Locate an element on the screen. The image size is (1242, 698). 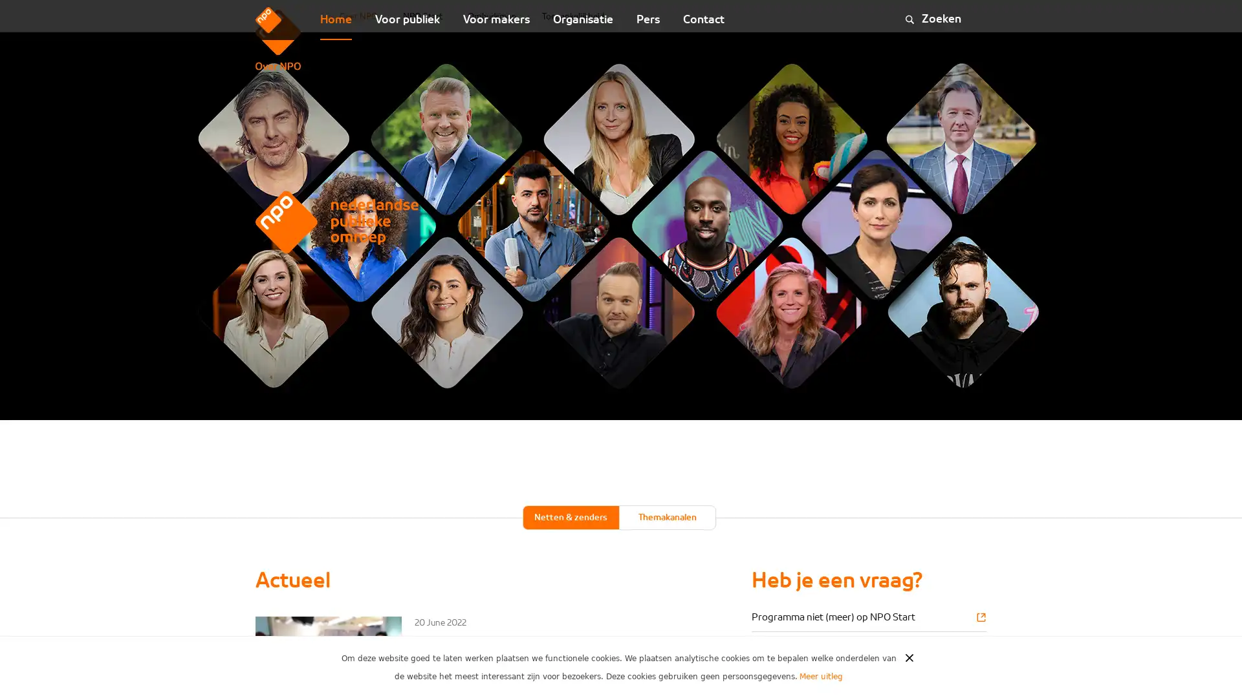
Netten & zenders is located at coordinates (570, 517).